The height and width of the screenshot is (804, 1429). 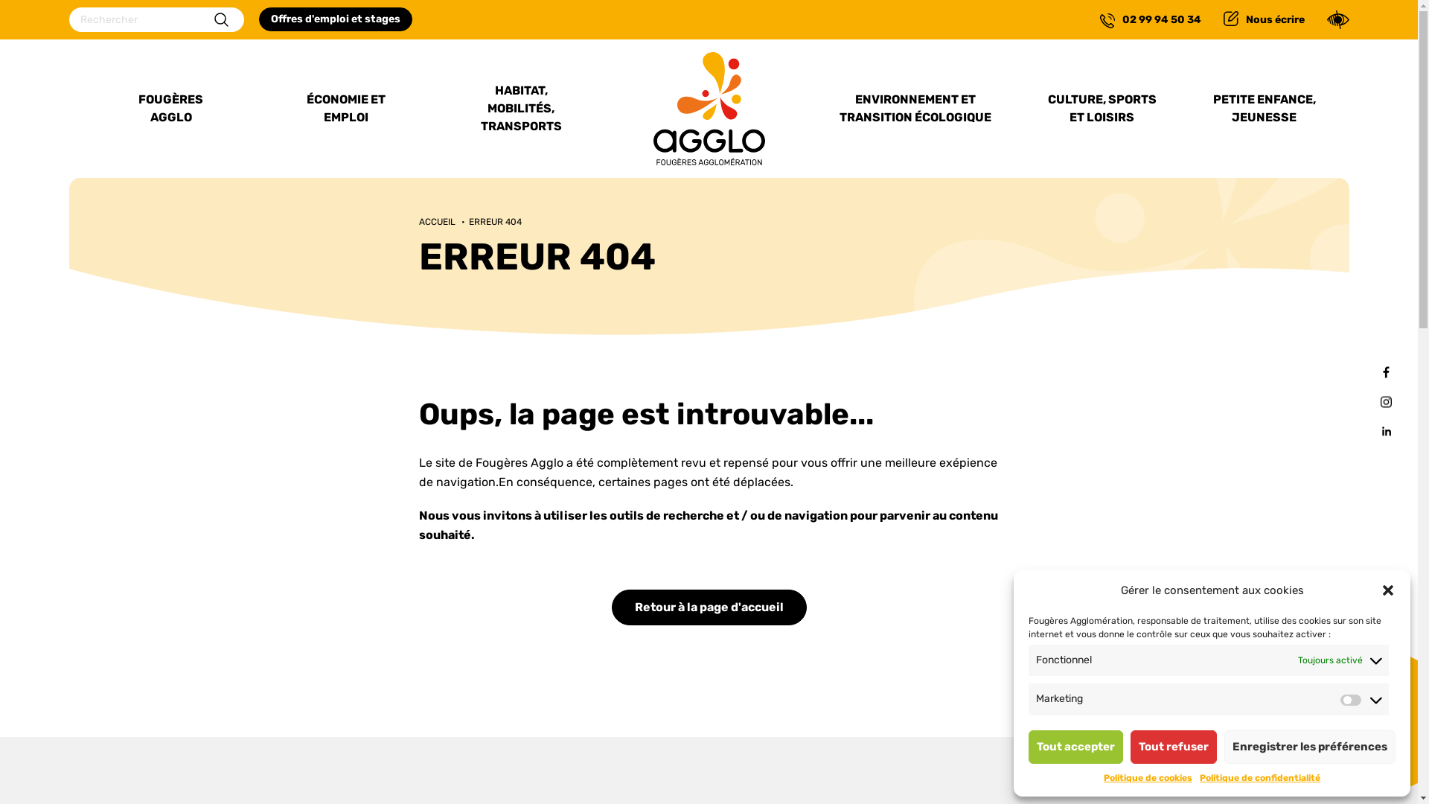 I want to click on 'Linkedin', so click(x=1385, y=432).